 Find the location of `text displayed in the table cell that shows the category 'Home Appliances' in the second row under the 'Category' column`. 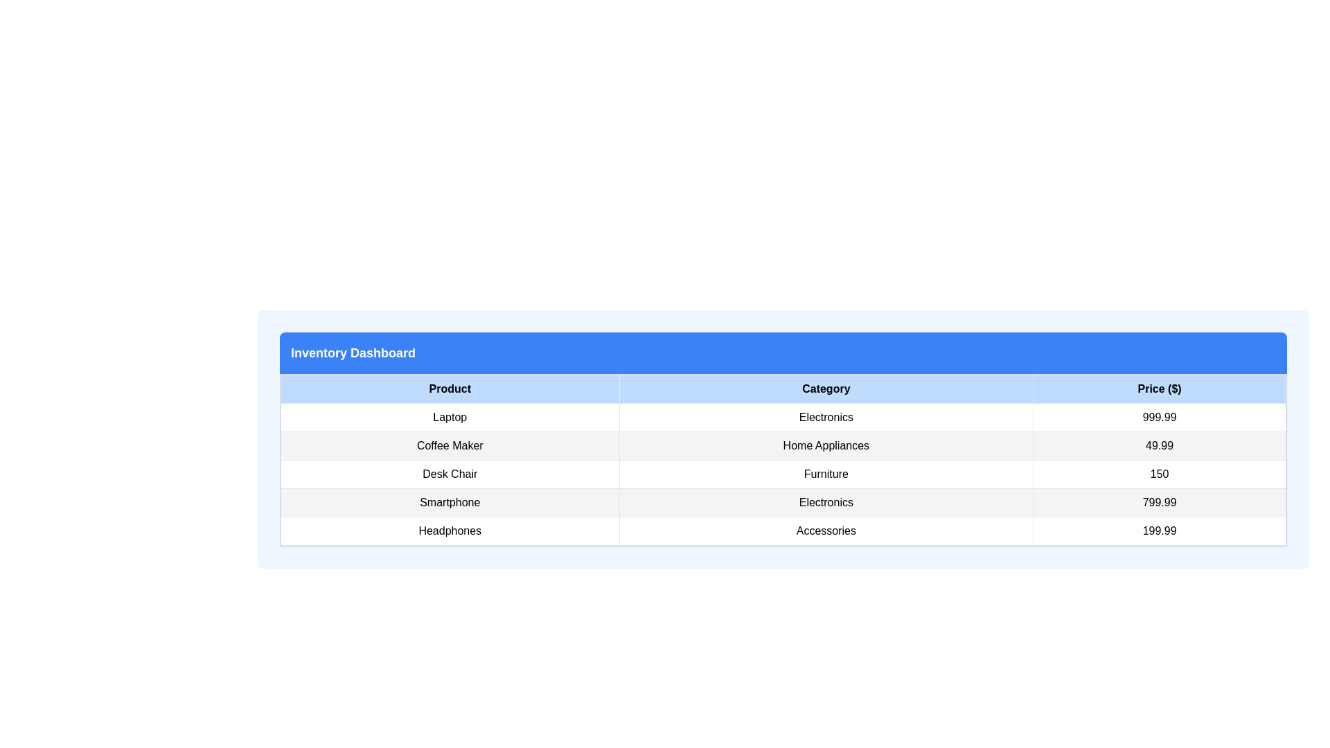

text displayed in the table cell that shows the category 'Home Appliances' in the second row under the 'Category' column is located at coordinates (826, 446).